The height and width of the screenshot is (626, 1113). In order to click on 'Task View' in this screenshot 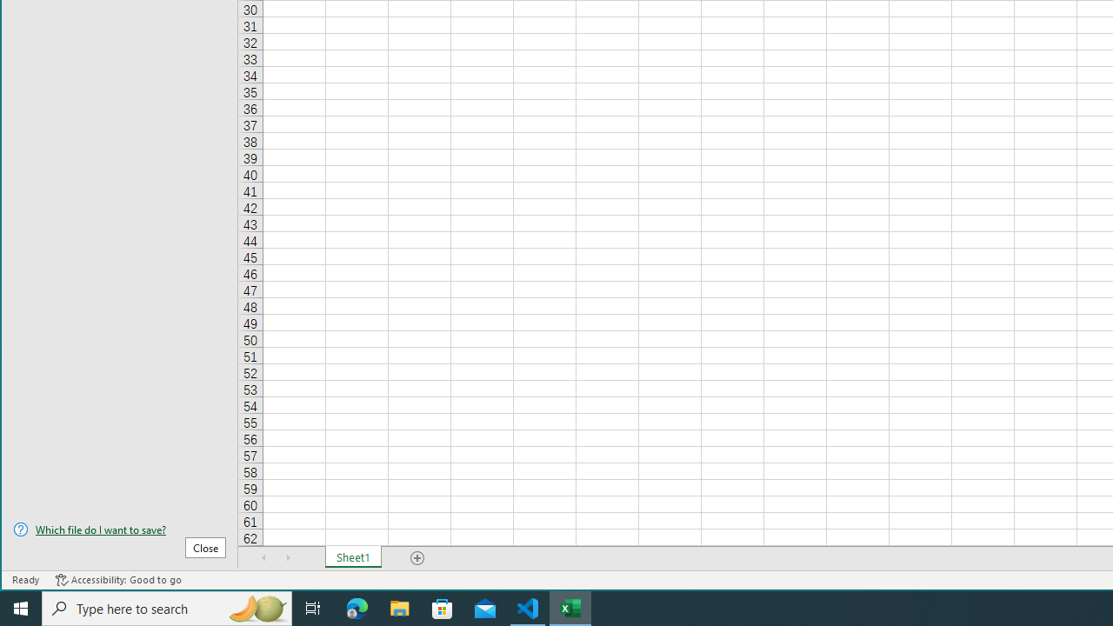, I will do `click(312, 607)`.